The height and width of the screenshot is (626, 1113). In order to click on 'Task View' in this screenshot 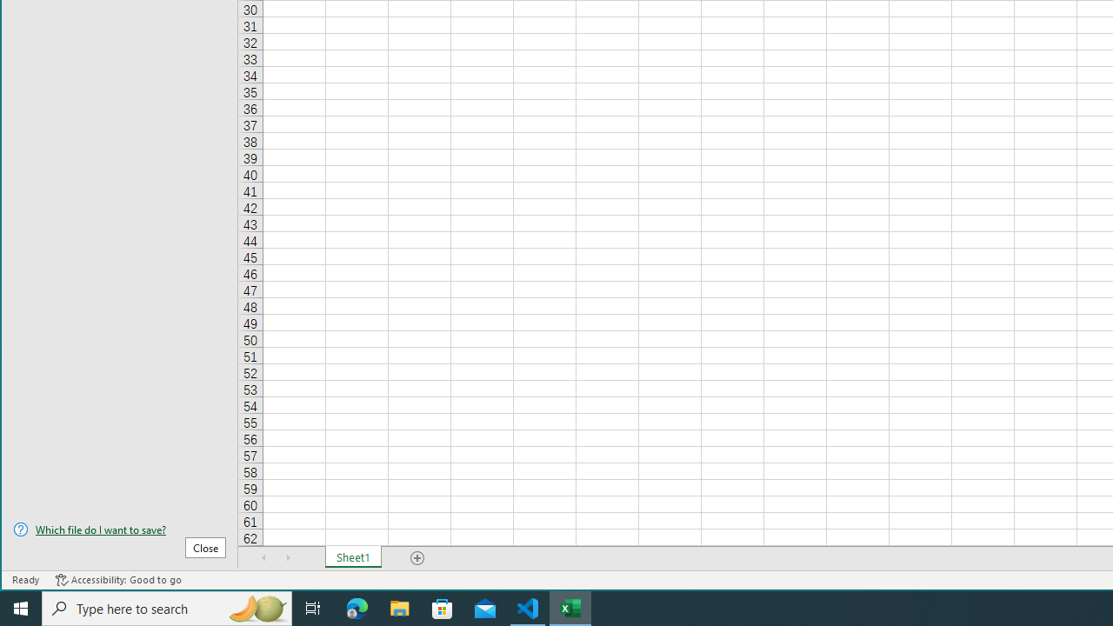, I will do `click(312, 607)`.